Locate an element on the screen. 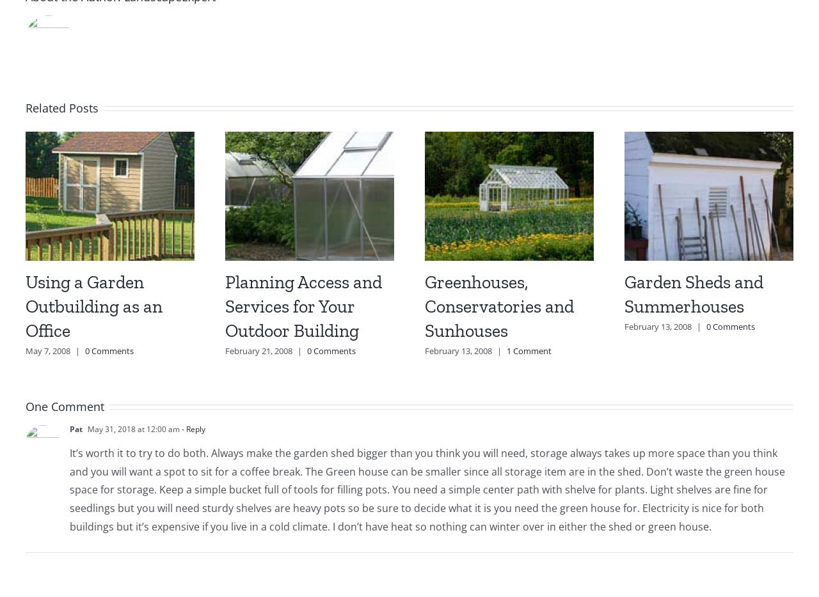 The height and width of the screenshot is (597, 819). '1 Comment' is located at coordinates (529, 351).